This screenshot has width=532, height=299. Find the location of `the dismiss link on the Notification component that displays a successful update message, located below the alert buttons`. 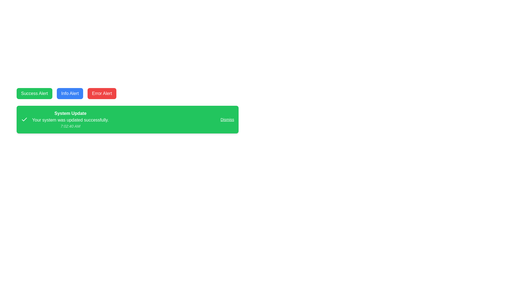

the dismiss link on the Notification component that displays a successful update message, located below the alert buttons is located at coordinates (127, 119).